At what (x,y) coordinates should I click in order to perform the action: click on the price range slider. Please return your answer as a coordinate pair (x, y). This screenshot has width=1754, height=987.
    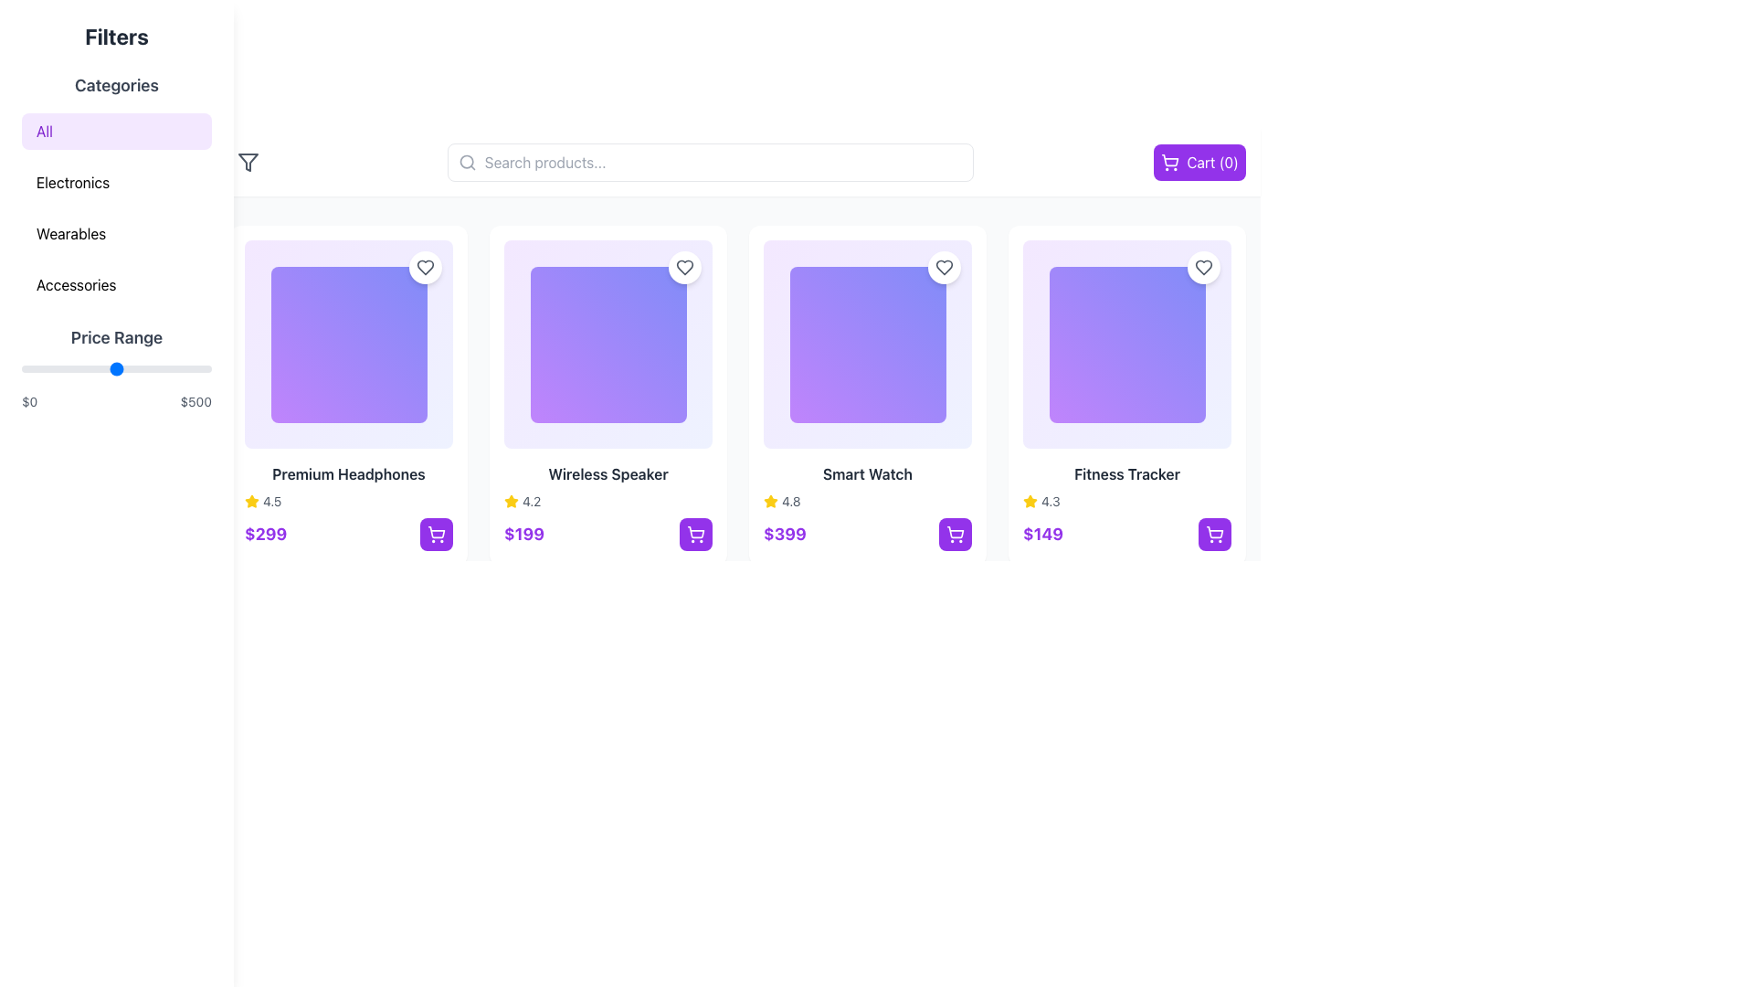
    Looking at the image, I should click on (42, 369).